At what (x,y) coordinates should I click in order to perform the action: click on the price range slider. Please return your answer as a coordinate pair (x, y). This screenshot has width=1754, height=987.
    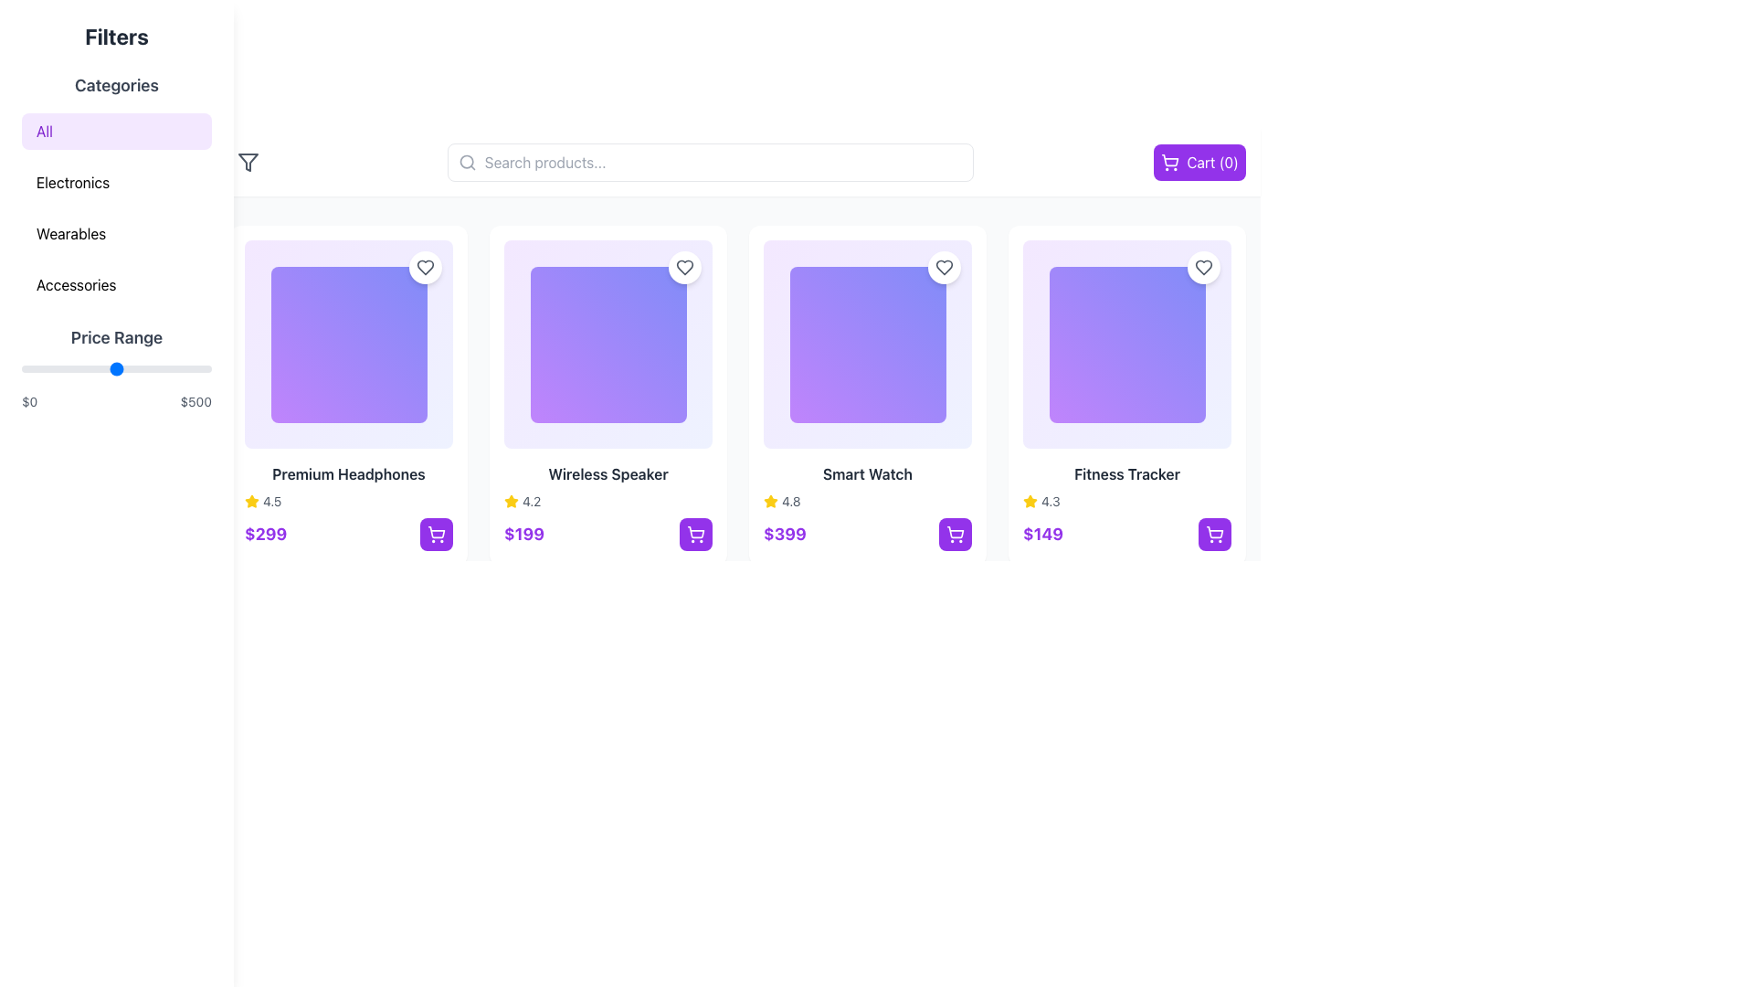
    Looking at the image, I should click on (42, 369).